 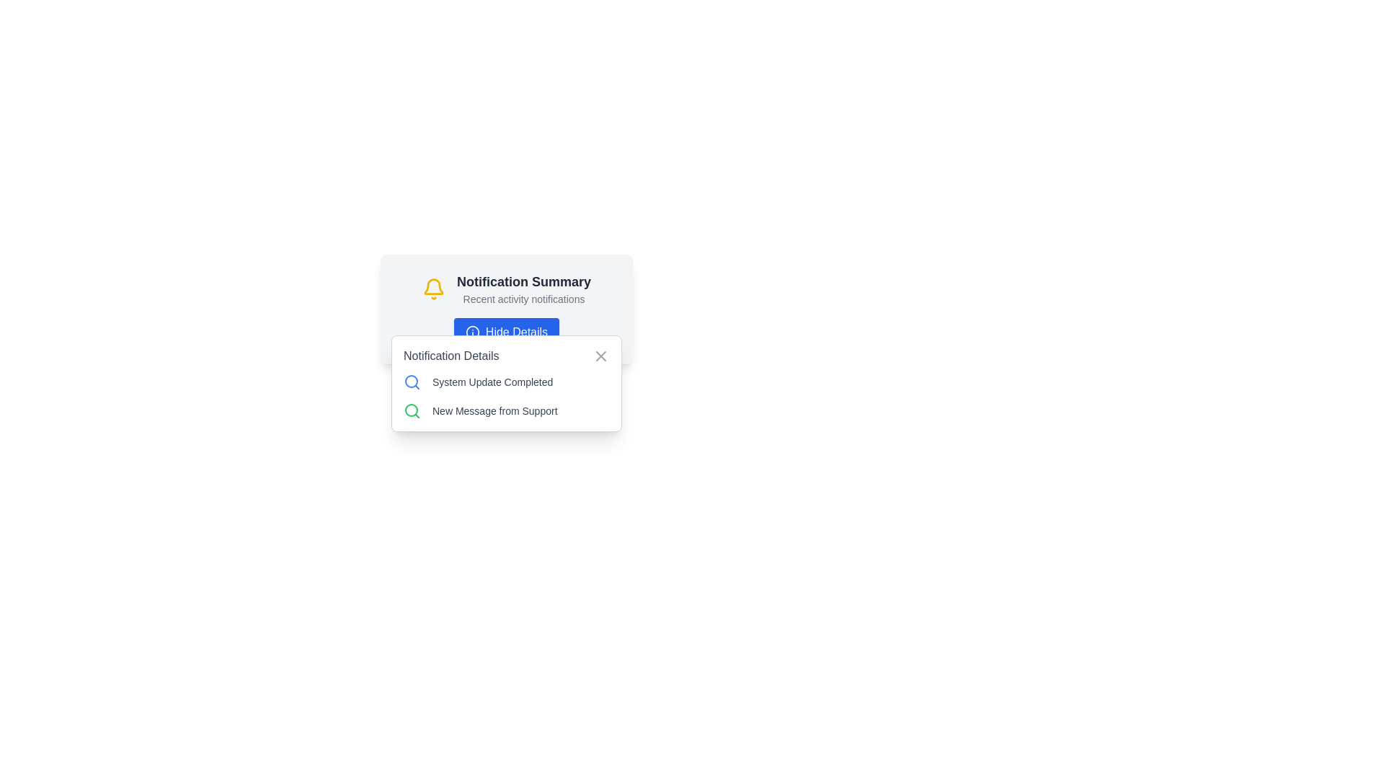 What do you see at coordinates (601, 356) in the screenshot?
I see `the close button represented by a small 'X' icon in the top-right corner of the 'Notification Details' panel` at bounding box center [601, 356].